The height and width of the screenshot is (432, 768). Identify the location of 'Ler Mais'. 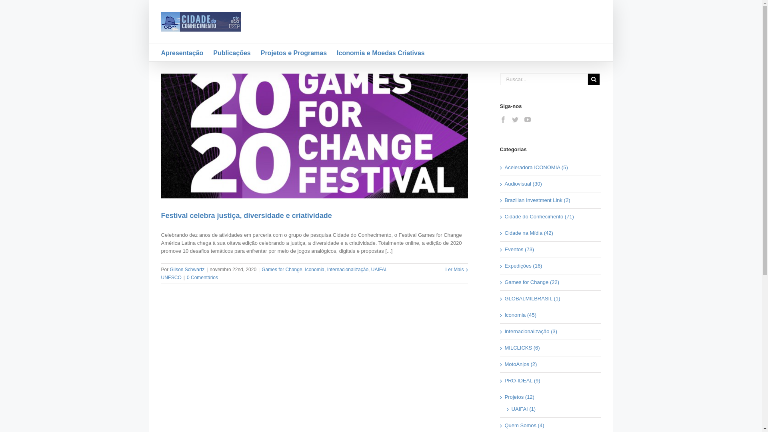
(454, 270).